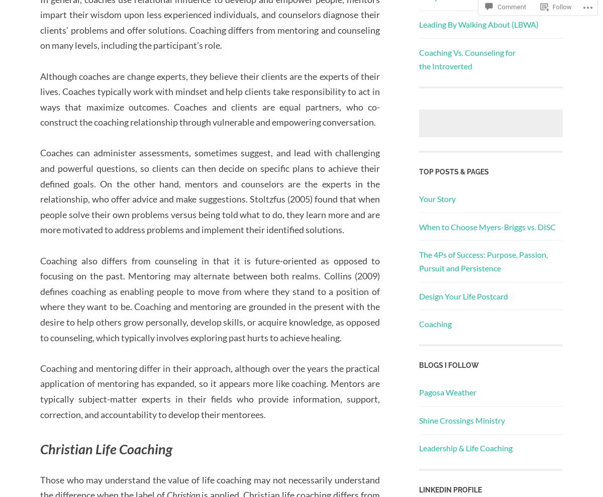 The height and width of the screenshot is (497, 603). What do you see at coordinates (462, 420) in the screenshot?
I see `'Shine Crossings Ministry'` at bounding box center [462, 420].